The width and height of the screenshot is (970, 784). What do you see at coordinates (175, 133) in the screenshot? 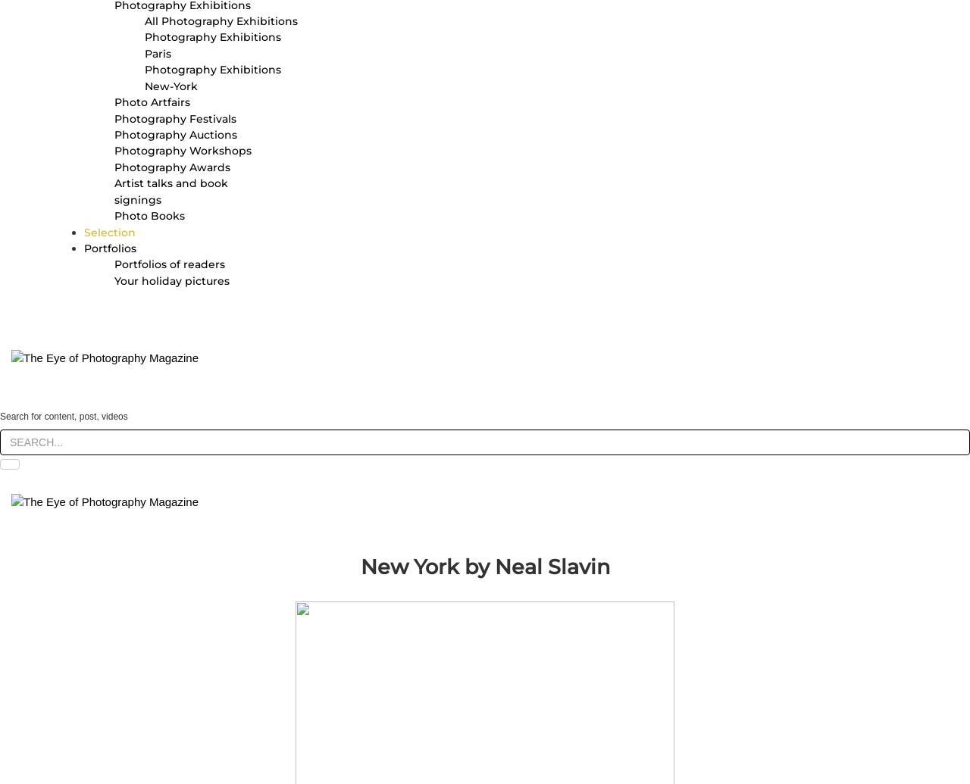
I see `'Photography Auctions'` at bounding box center [175, 133].